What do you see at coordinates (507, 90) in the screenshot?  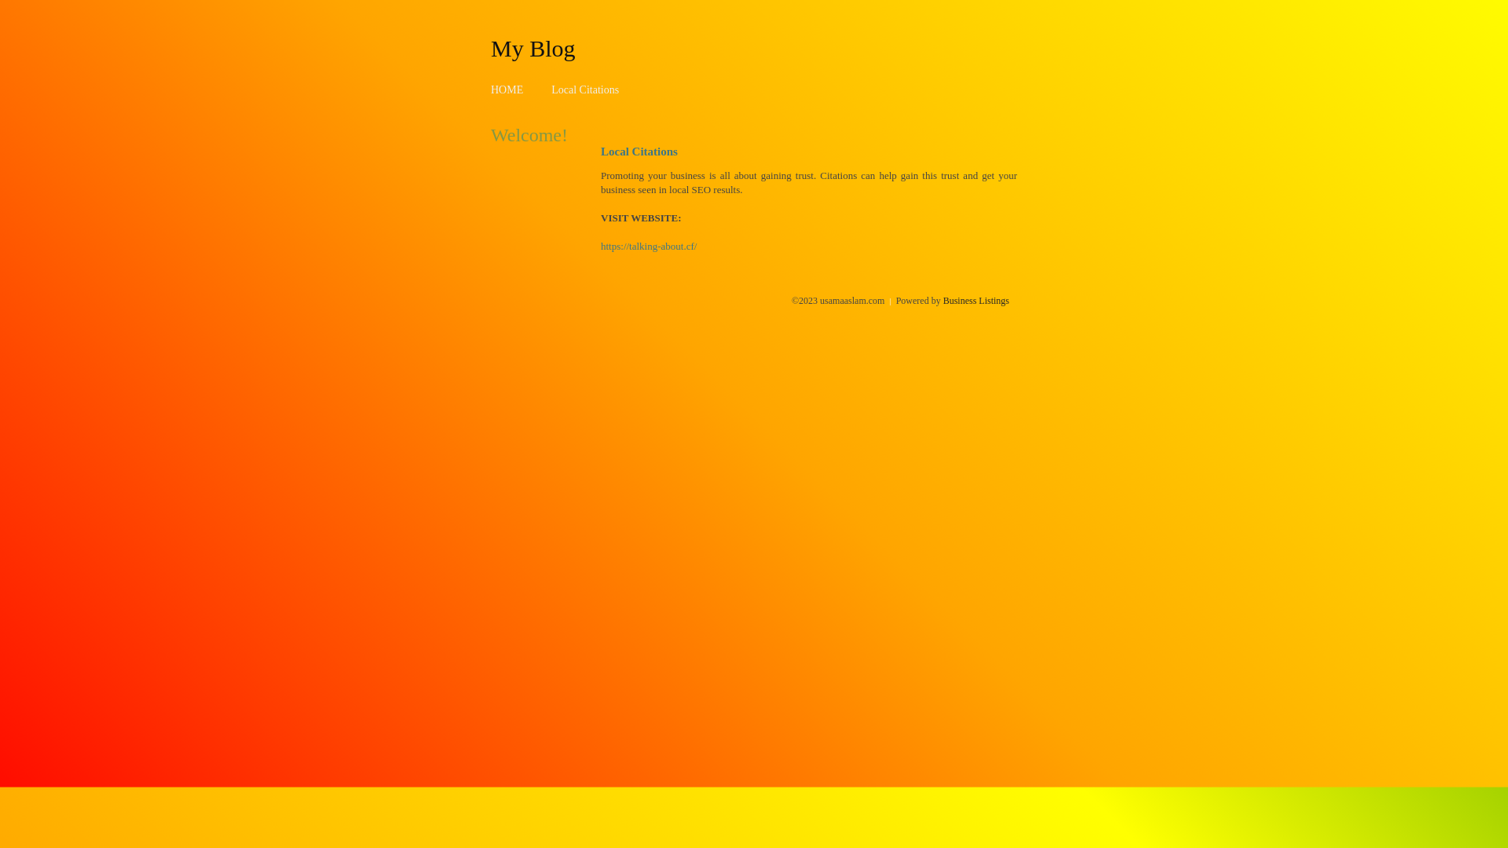 I see `'HOME'` at bounding box center [507, 90].